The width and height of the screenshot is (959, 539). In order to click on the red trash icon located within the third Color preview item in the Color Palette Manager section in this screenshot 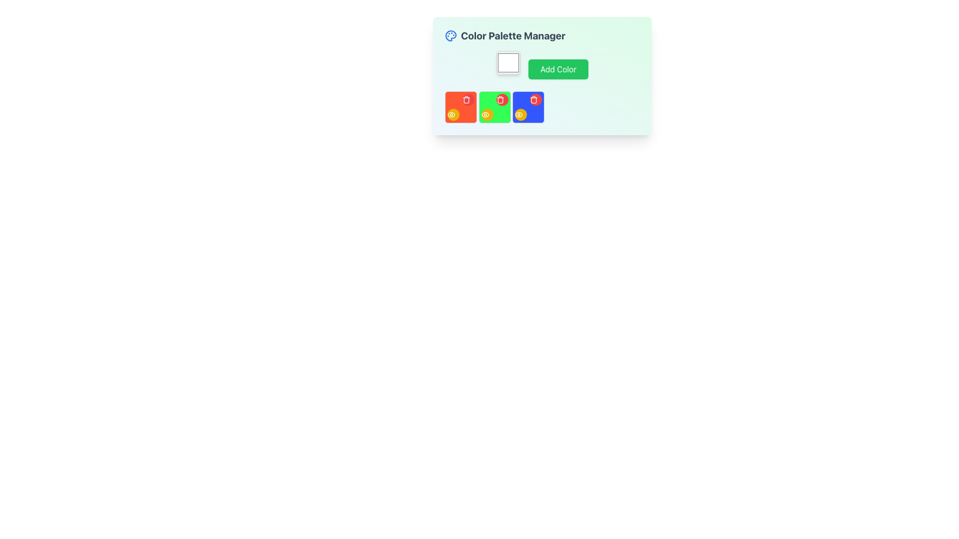, I will do `click(541, 107)`.